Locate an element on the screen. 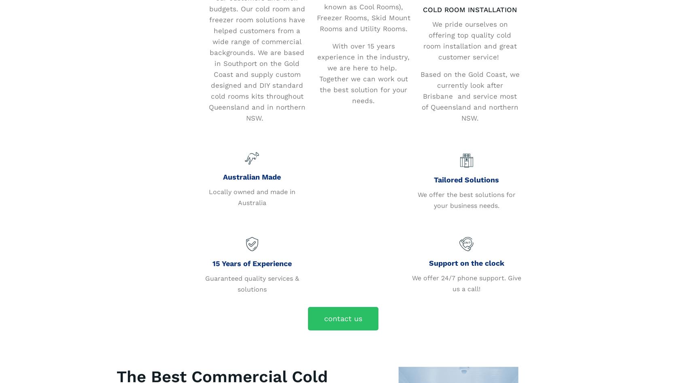 This screenshot has height=383, width=686. 'We pride ourselves on offering top quality cold room installation and great customer service!' is located at coordinates (469, 40).